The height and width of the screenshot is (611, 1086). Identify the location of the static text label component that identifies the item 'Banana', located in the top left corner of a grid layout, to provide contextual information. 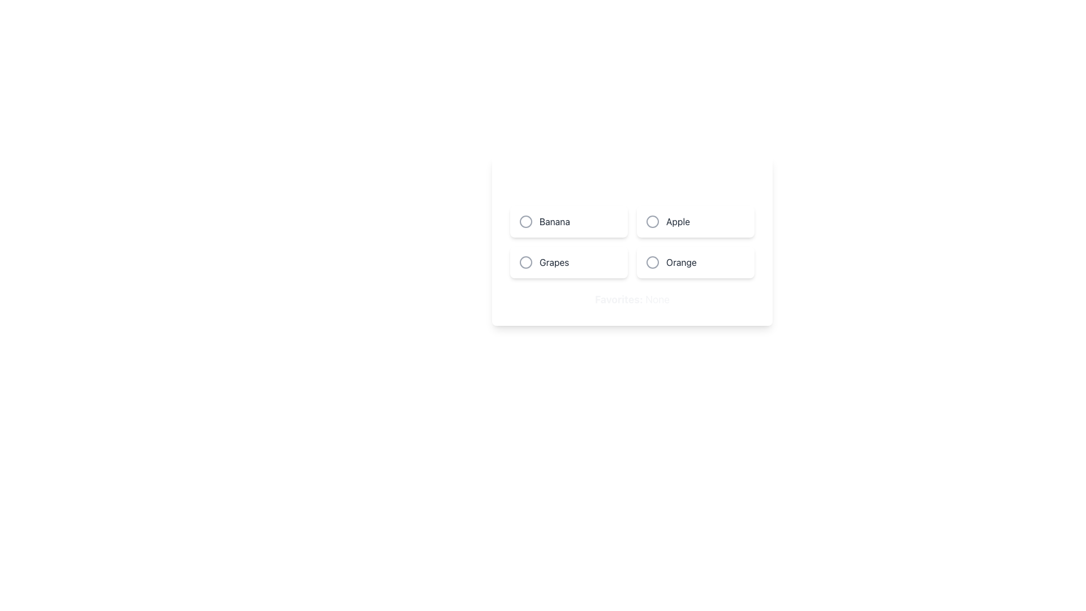
(554, 222).